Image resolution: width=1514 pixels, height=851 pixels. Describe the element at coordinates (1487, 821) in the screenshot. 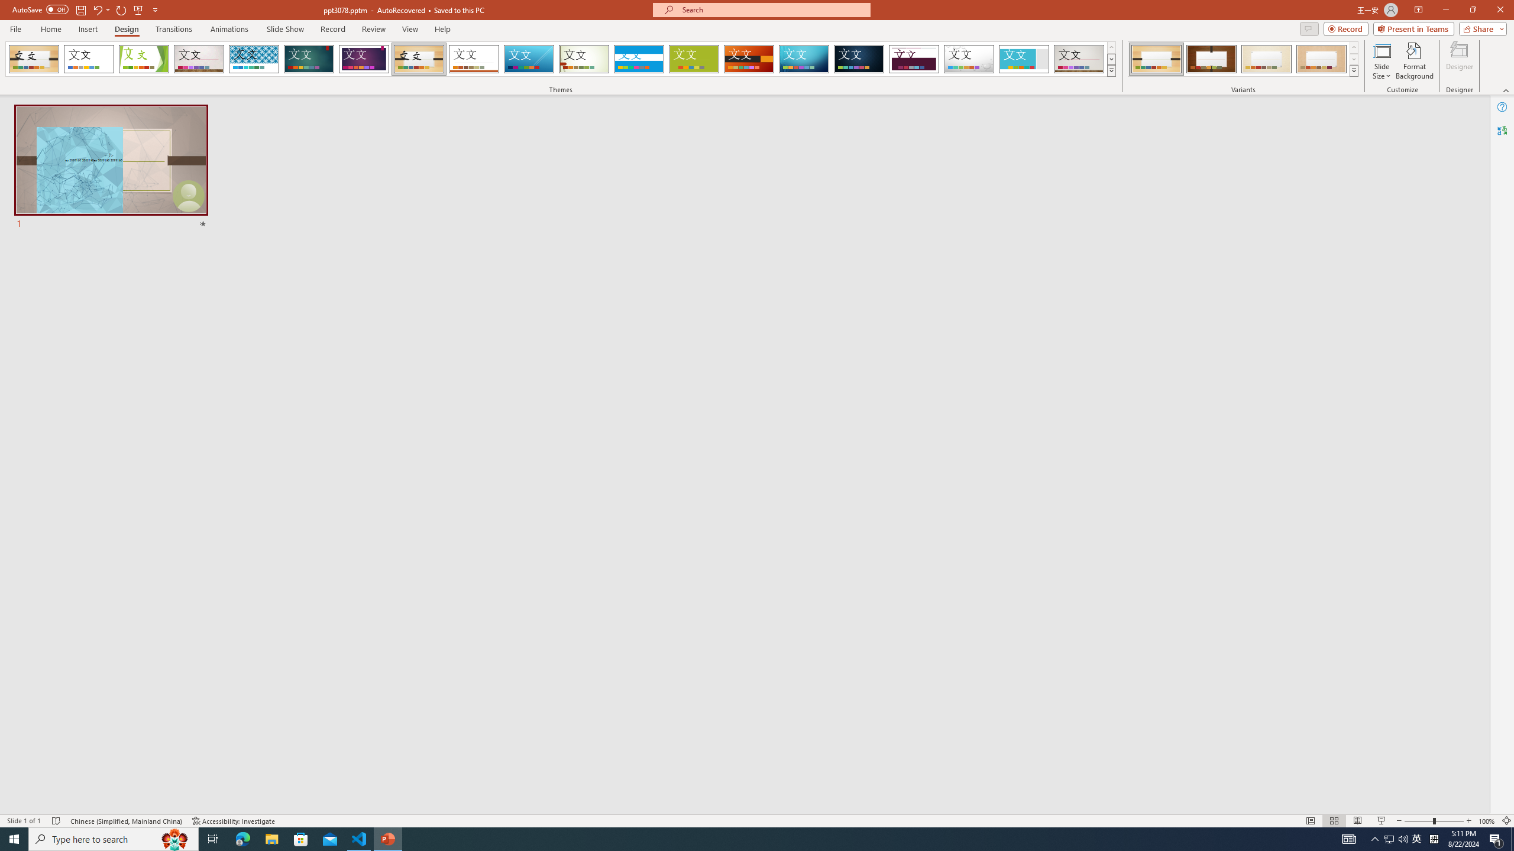

I see `'Zoom 100%'` at that location.